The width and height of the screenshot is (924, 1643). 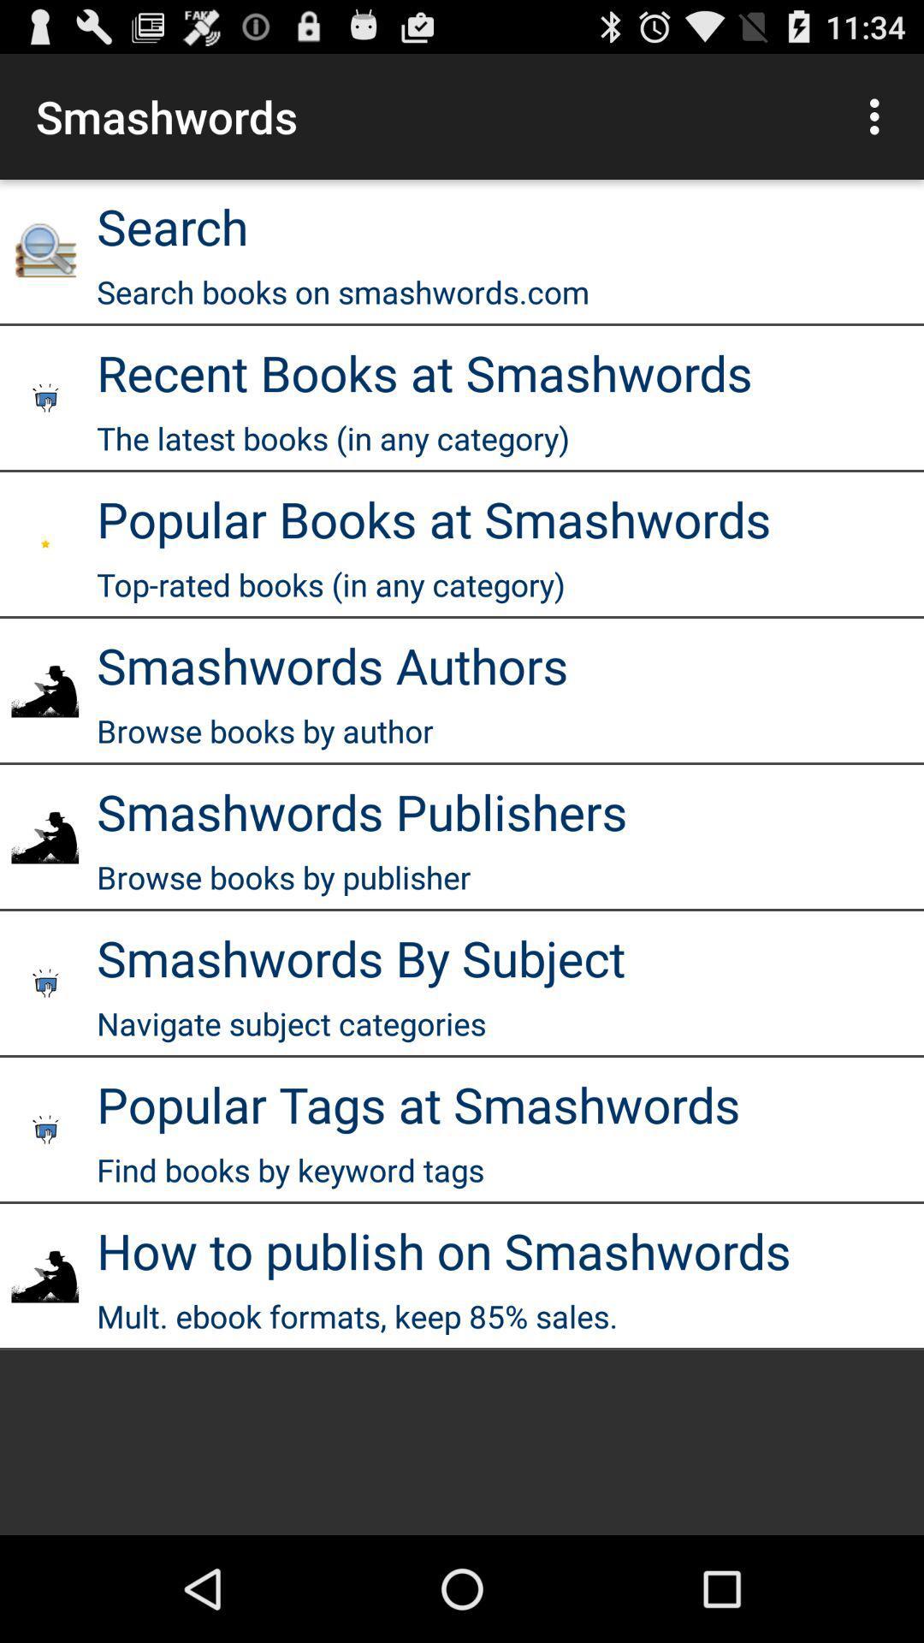 I want to click on the how to publish icon, so click(x=443, y=1250).